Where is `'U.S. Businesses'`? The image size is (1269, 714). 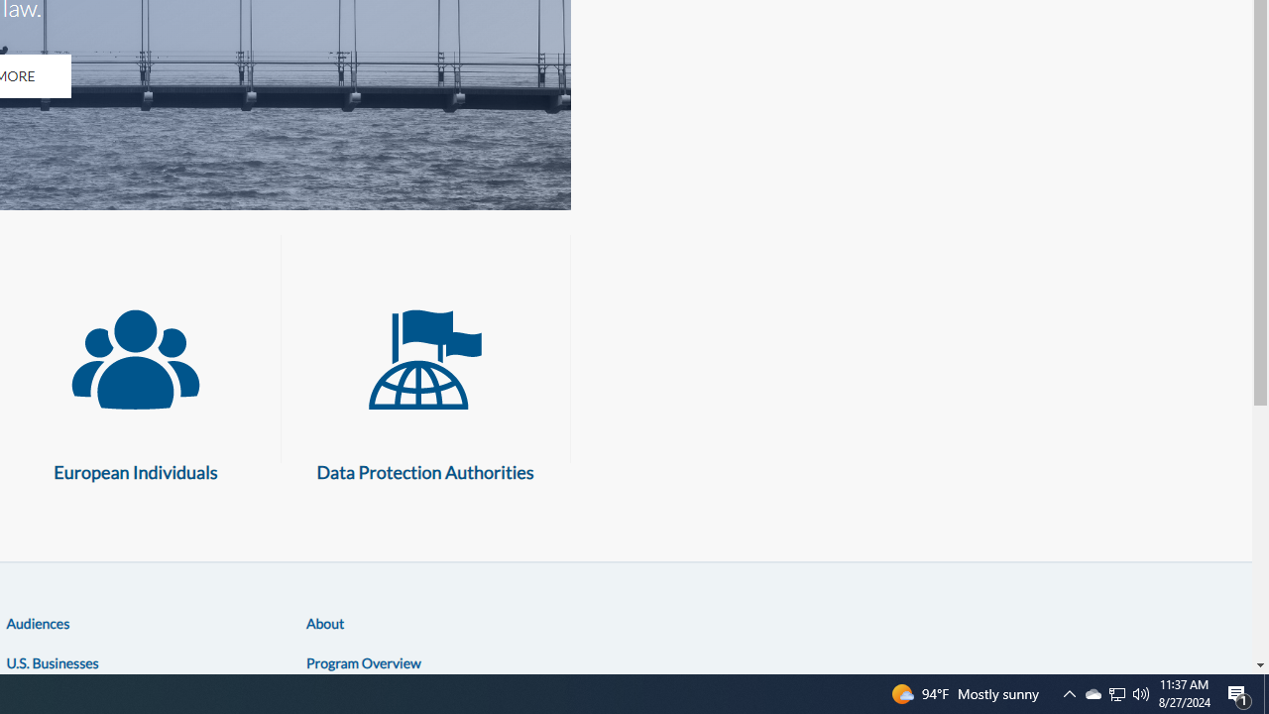 'U.S. Businesses' is located at coordinates (53, 661).